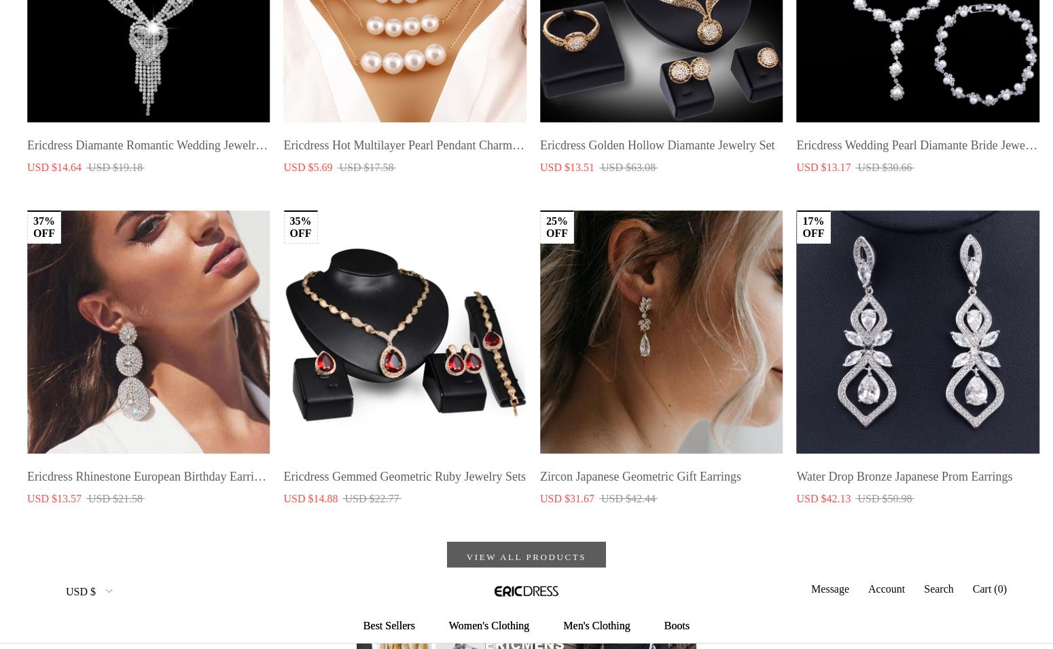  I want to click on 'Ericdress Short Sleeves One Shoulder Ruched Sheath/Column Cocktail Dress', so click(283, 188).